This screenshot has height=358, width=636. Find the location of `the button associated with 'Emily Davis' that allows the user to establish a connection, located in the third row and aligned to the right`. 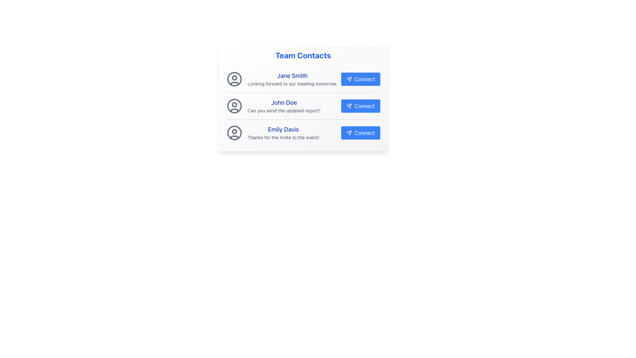

the button associated with 'Emily Davis' that allows the user to establish a connection, located in the third row and aligned to the right is located at coordinates (360, 133).